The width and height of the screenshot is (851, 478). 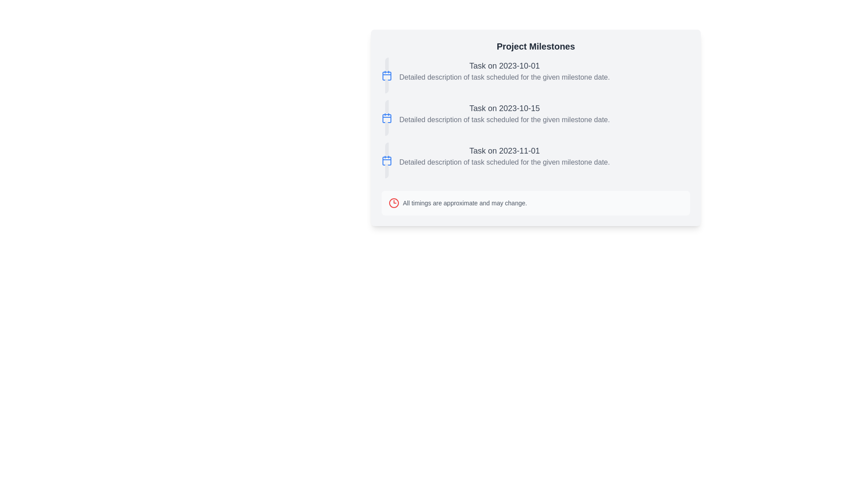 I want to click on the 'Project Milestones' informational card, so click(x=535, y=138).